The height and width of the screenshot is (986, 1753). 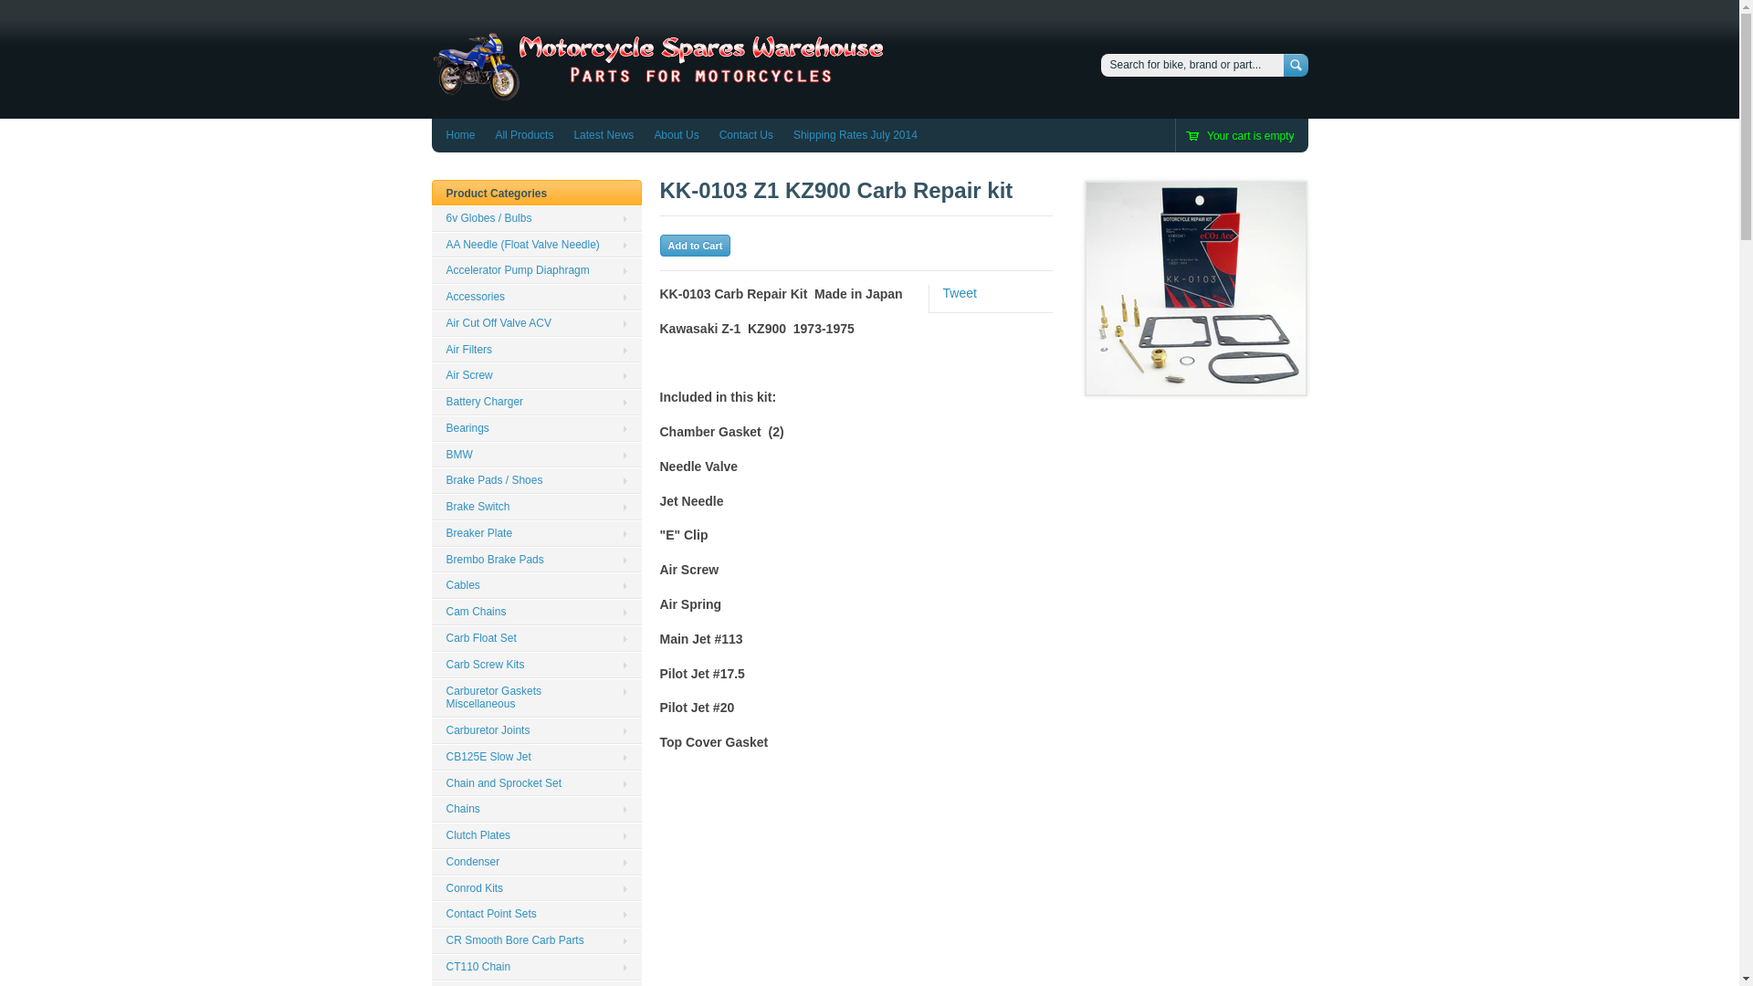 I want to click on 'Cables', so click(x=534, y=585).